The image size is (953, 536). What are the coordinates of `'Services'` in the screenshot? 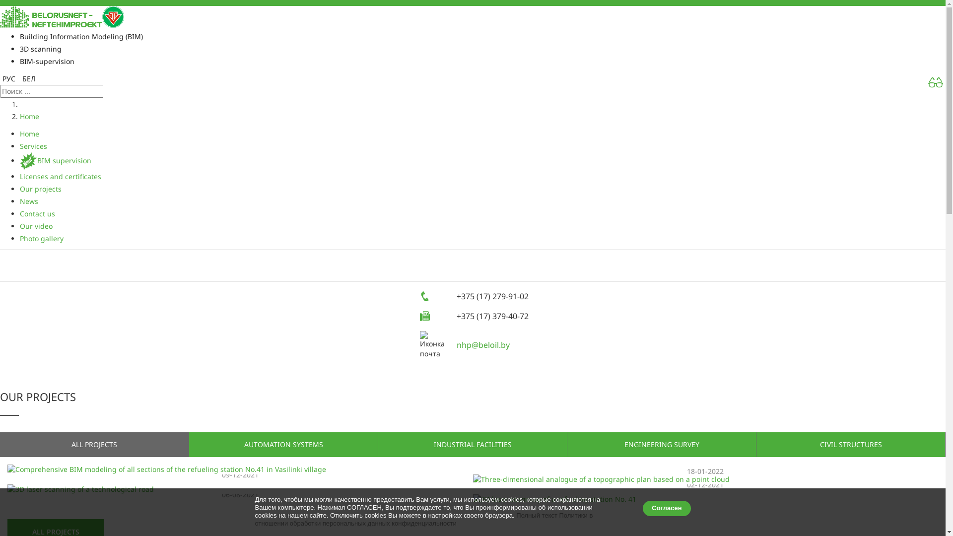 It's located at (33, 146).